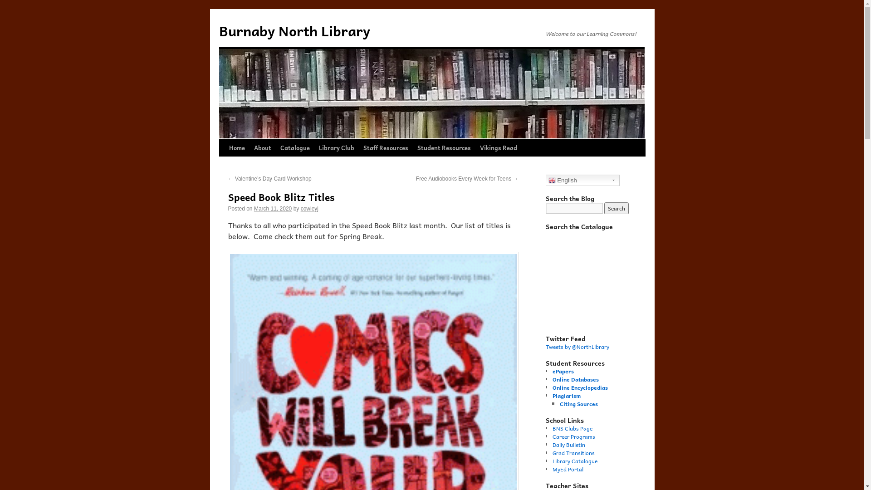 The width and height of the screenshot is (871, 490). Describe the element at coordinates (335, 147) in the screenshot. I see `'Library Club'` at that location.